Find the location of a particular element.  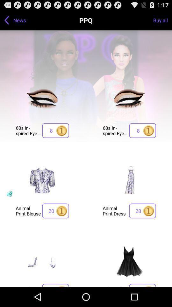

the second image on right is located at coordinates (129, 181).